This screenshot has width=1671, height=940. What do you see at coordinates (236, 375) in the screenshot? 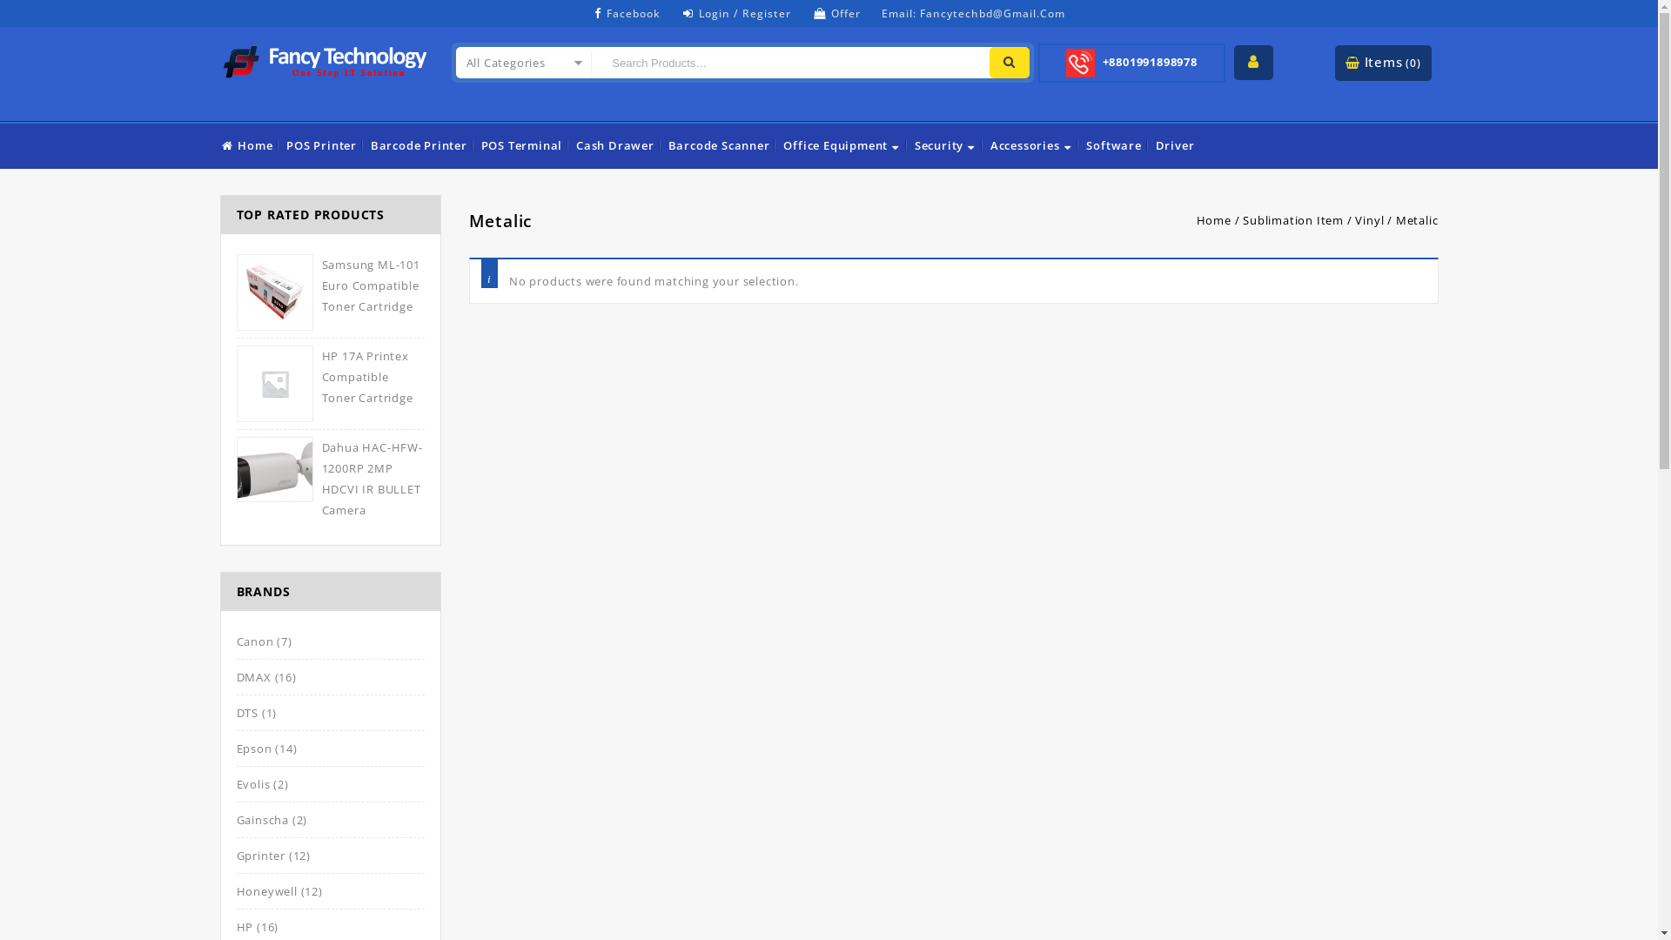
I see `'HP 17A Printex Compatible Toner Cartridge'` at bounding box center [236, 375].